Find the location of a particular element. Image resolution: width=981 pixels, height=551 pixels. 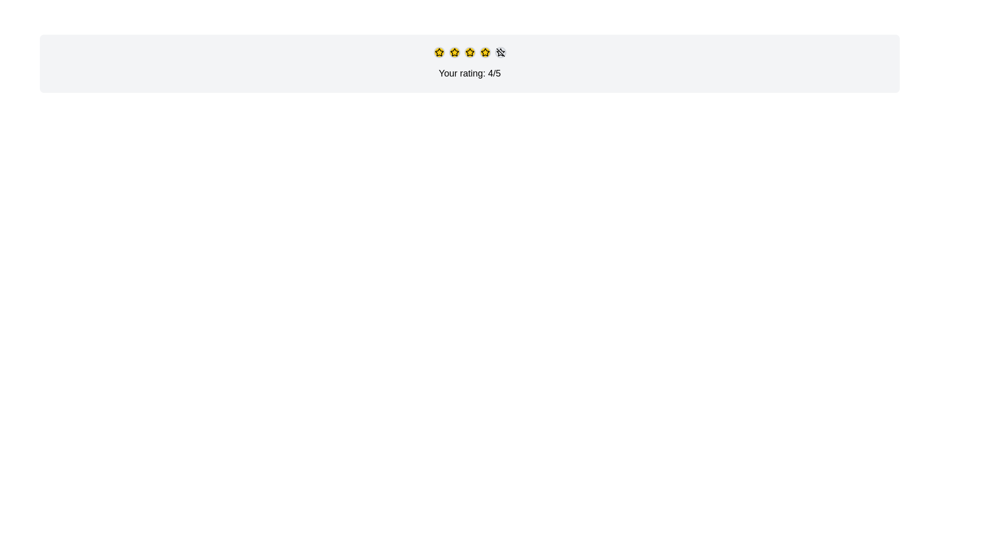

to select the second star in the horizontal rating system, which is marked in red to indicate the currently selected rating is located at coordinates (454, 52).